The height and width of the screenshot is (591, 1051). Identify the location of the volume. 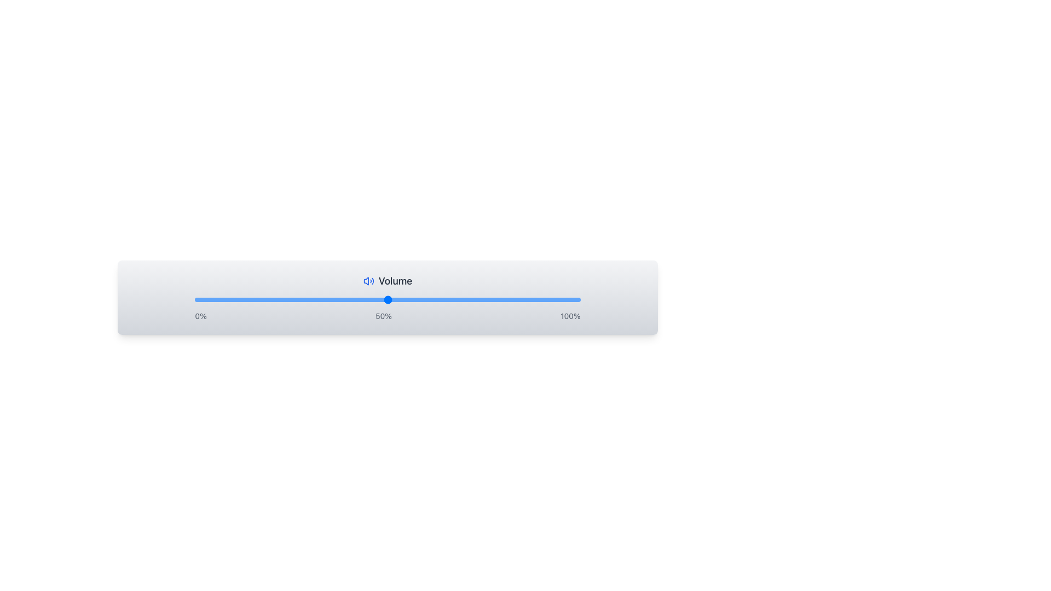
(441, 299).